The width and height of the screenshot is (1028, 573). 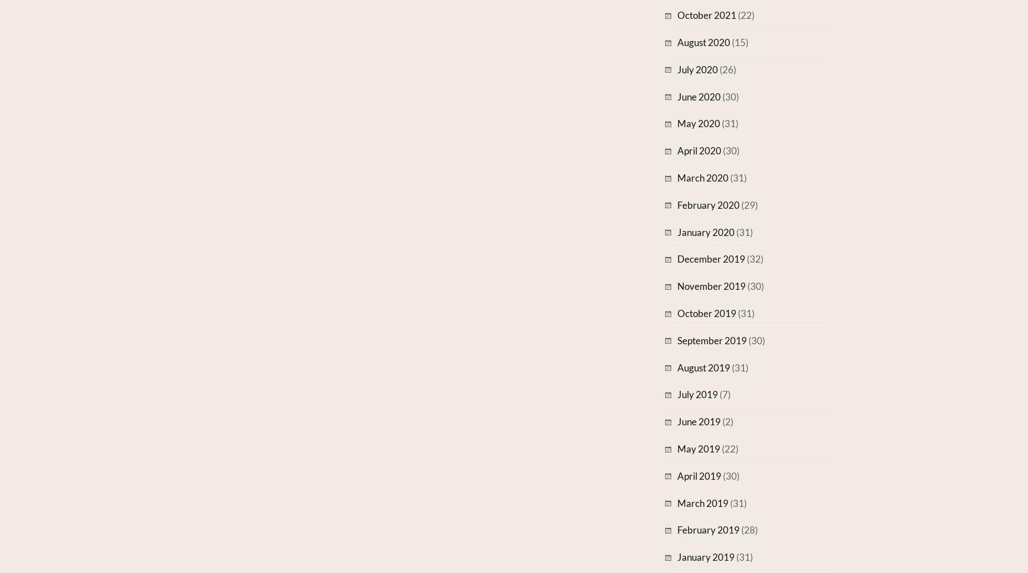 I want to click on 'May 2020', so click(x=698, y=123).